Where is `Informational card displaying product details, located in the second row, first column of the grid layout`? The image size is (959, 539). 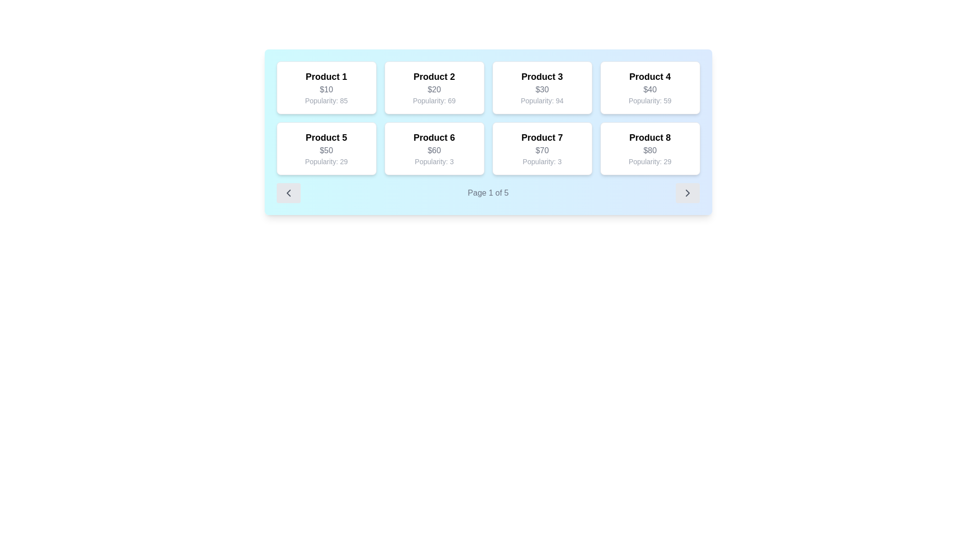 Informational card displaying product details, located in the second row, first column of the grid layout is located at coordinates (326, 148).